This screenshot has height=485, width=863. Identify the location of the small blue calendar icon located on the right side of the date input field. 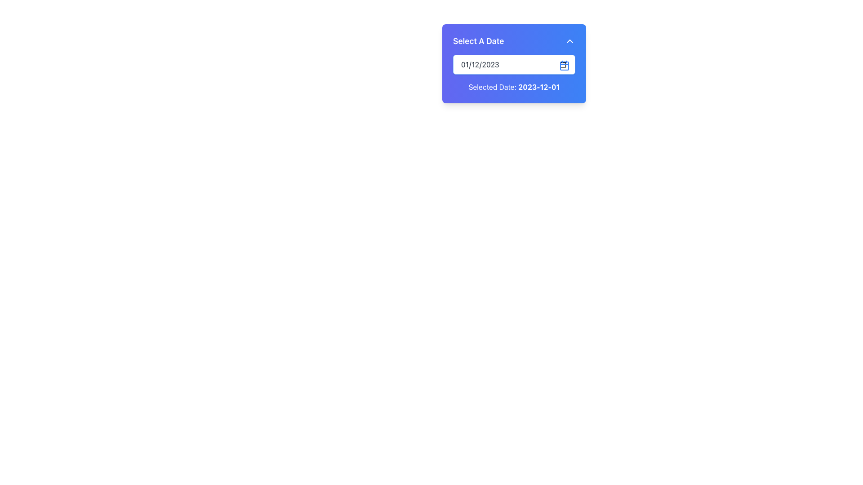
(564, 65).